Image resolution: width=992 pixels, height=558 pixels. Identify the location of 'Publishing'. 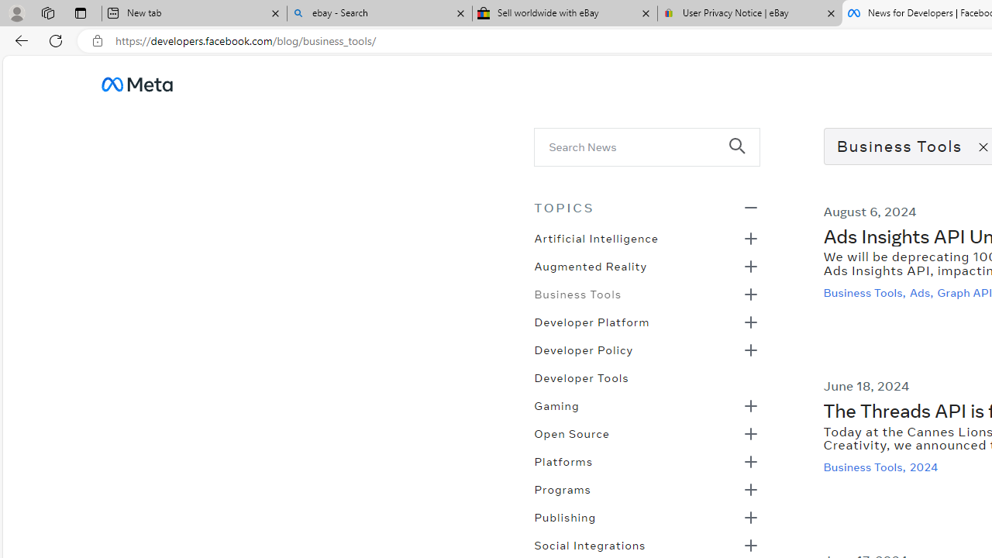
(564, 516).